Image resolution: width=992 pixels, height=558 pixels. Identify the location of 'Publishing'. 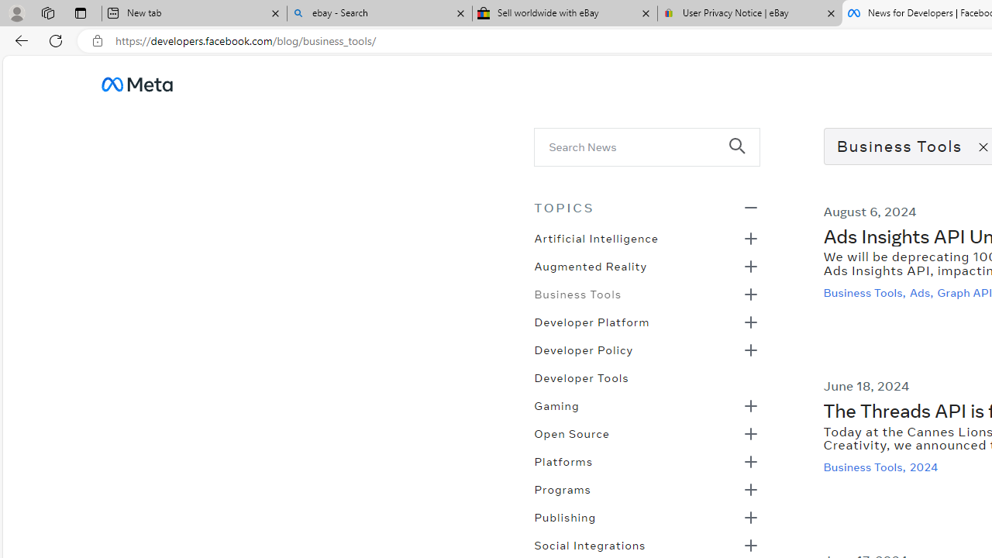
(564, 516).